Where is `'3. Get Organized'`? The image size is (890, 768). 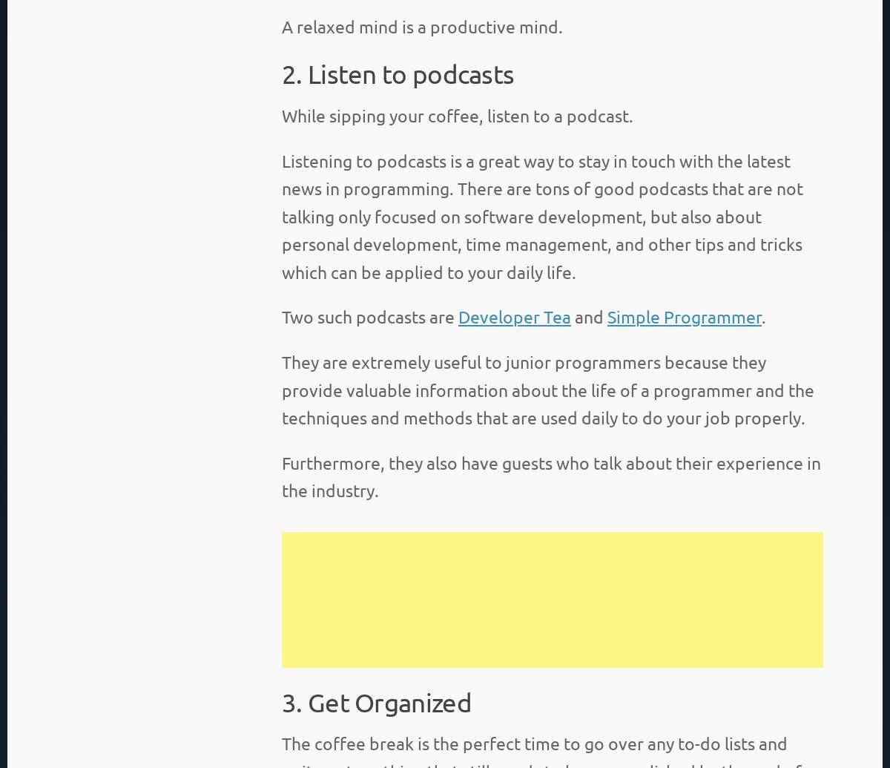
'3. Get Organized' is located at coordinates (375, 700).